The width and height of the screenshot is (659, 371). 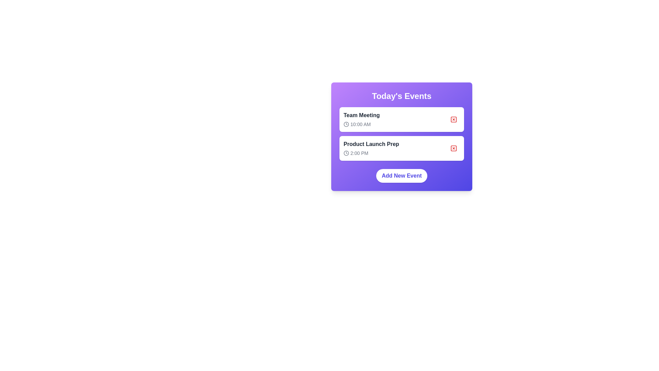 What do you see at coordinates (402, 176) in the screenshot?
I see `the 'Add New Event' button, which is a rounded rectangular button with indigo text on a white background, located at the bottom center of the 'Today's Events' purple panel` at bounding box center [402, 176].